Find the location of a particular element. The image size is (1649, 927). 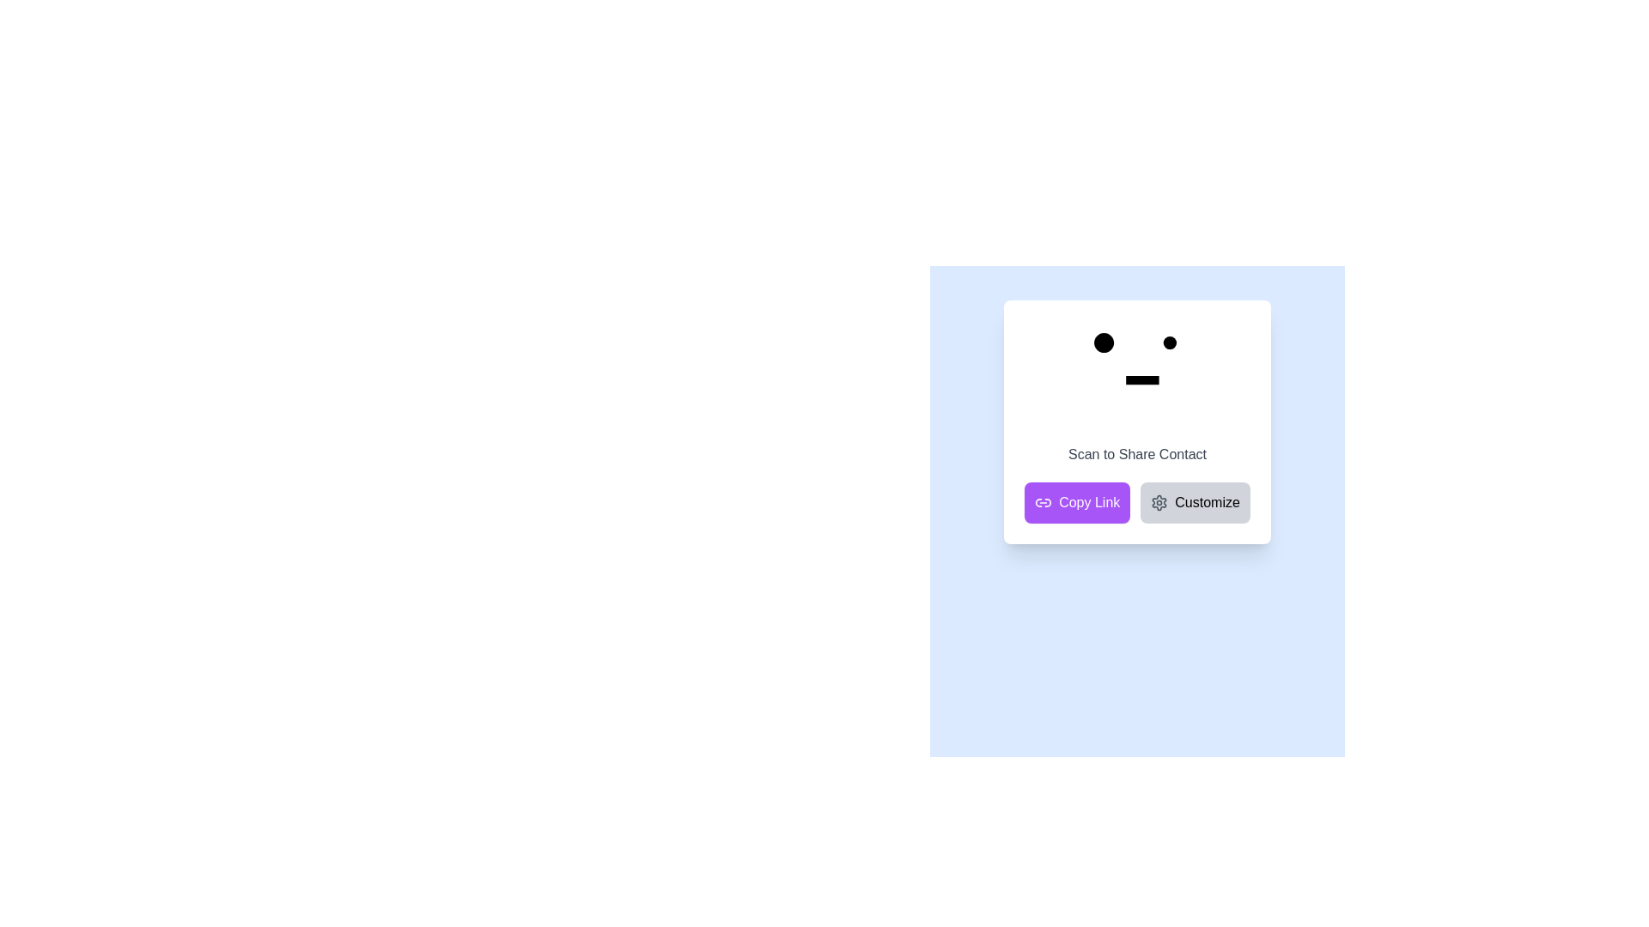

static text element located on the right side of a gray rounded button, which likely allows for customization of settings or options is located at coordinates (1207, 502).